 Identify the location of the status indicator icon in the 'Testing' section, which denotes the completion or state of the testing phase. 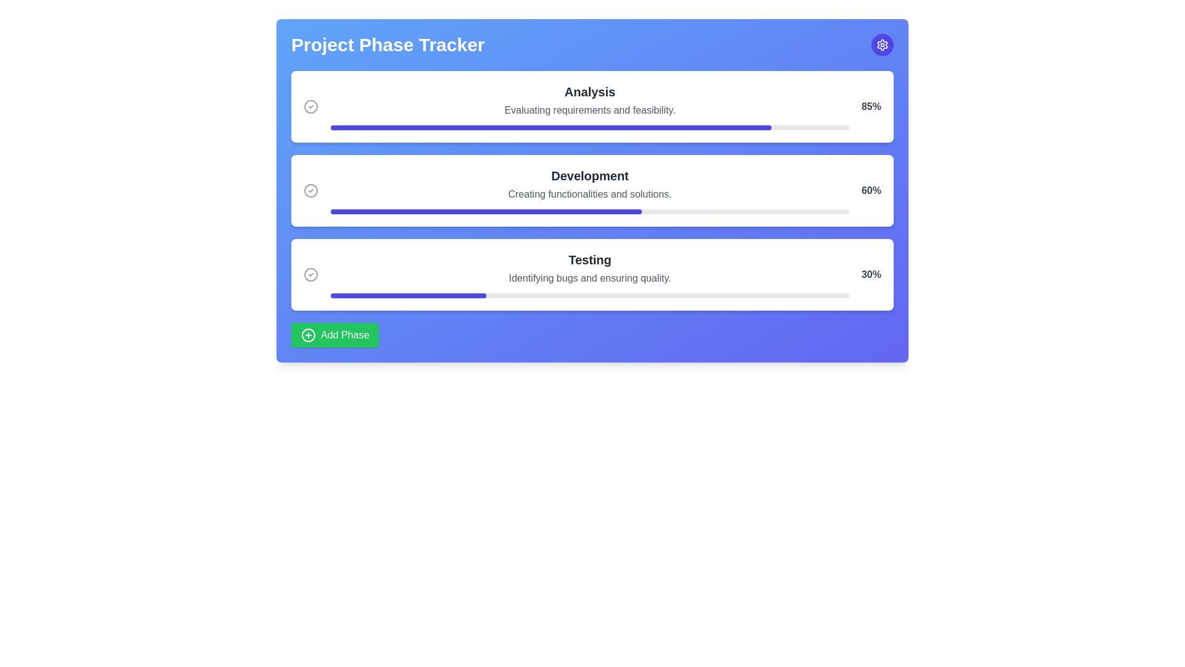
(311, 274).